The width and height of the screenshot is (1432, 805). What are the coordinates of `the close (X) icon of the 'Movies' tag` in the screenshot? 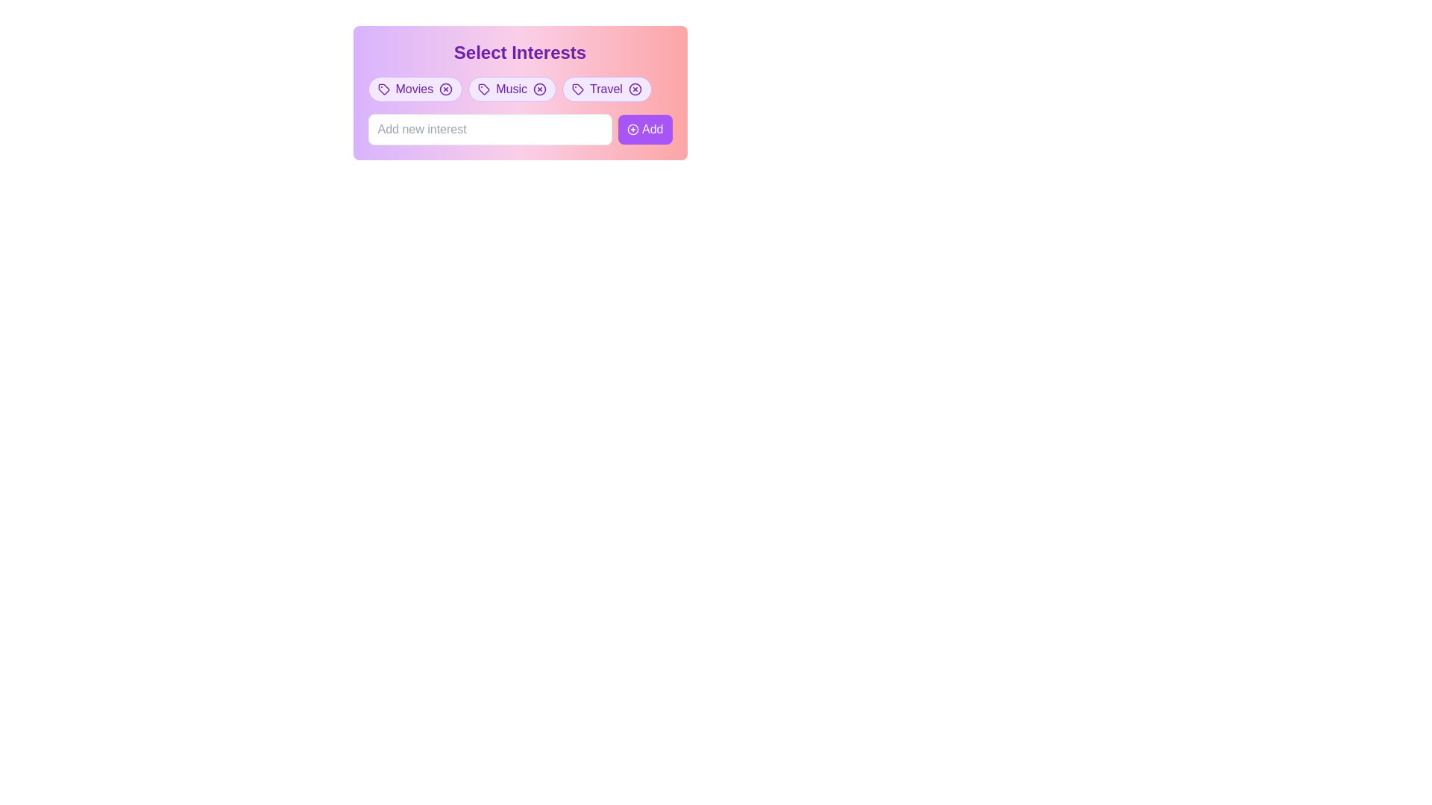 It's located at (415, 89).